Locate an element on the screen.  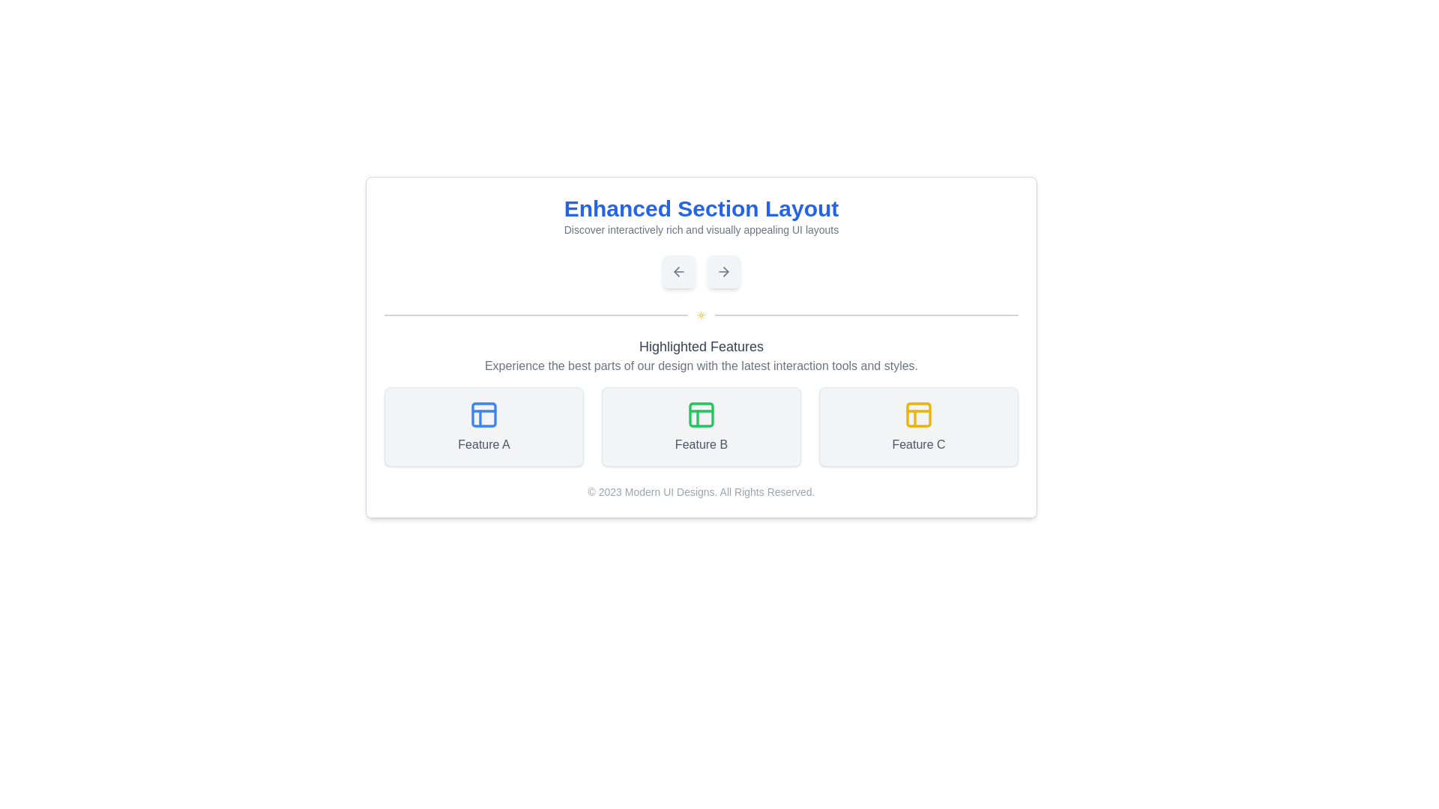
the 'Feature C' label, which is styled with gray color and positioned centrally within the third card below a yellow icon is located at coordinates (917, 444).